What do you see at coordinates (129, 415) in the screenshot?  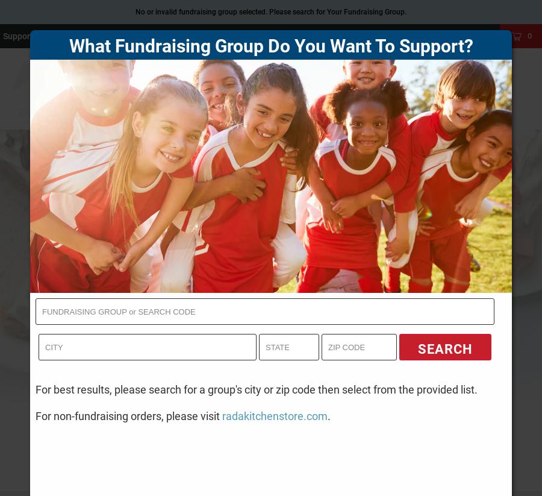 I see `'For non-fundraising orders, please visit'` at bounding box center [129, 415].